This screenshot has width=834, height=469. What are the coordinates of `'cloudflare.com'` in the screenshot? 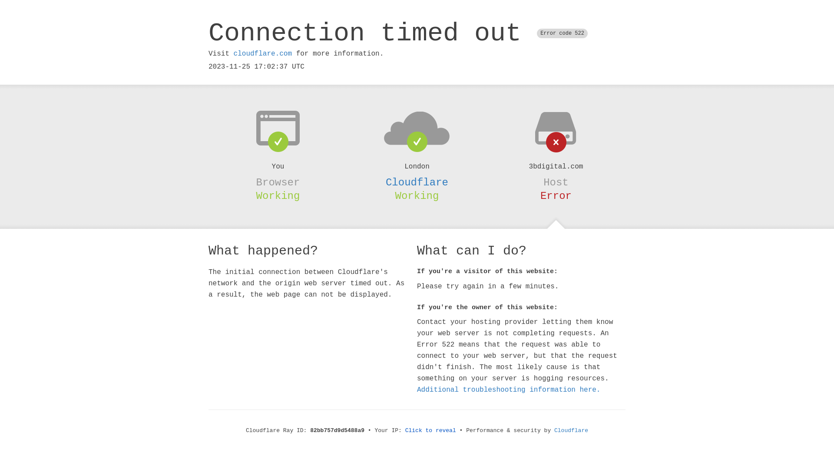 It's located at (262, 53).